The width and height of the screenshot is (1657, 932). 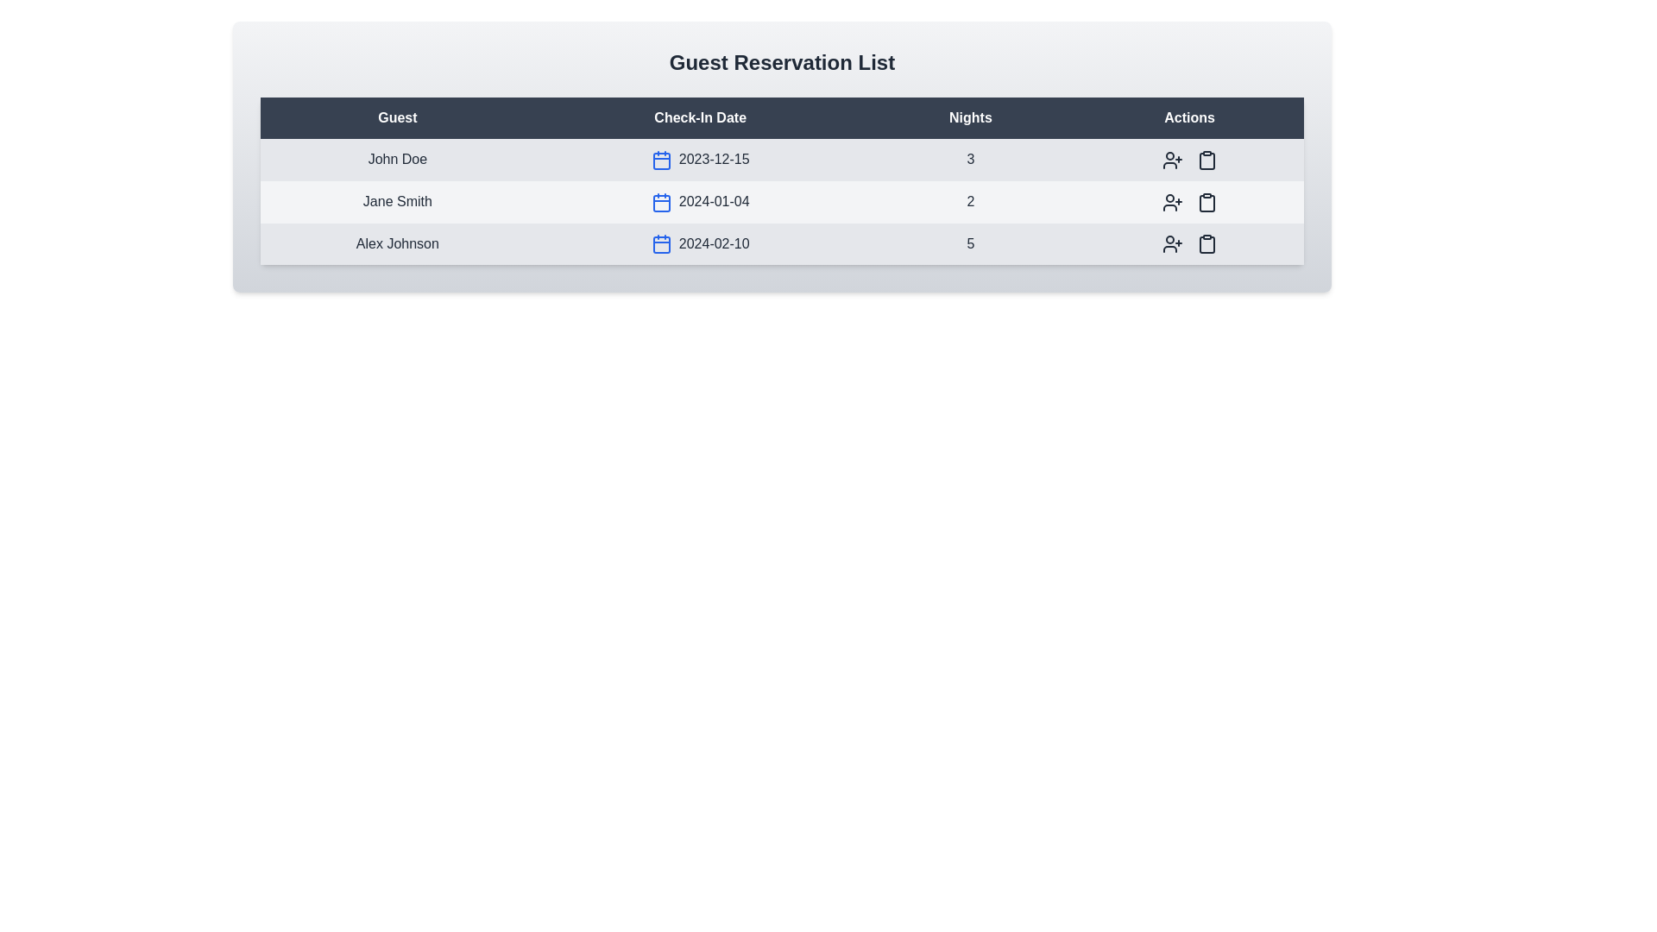 I want to click on the icon group in the last row of the table under the 'Actions' column for 'Alex Johnson', so click(x=1188, y=243).